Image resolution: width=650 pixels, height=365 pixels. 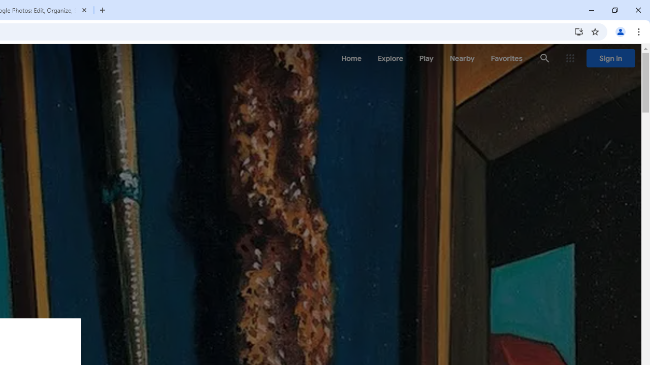 I want to click on 'Home', so click(x=351, y=58).